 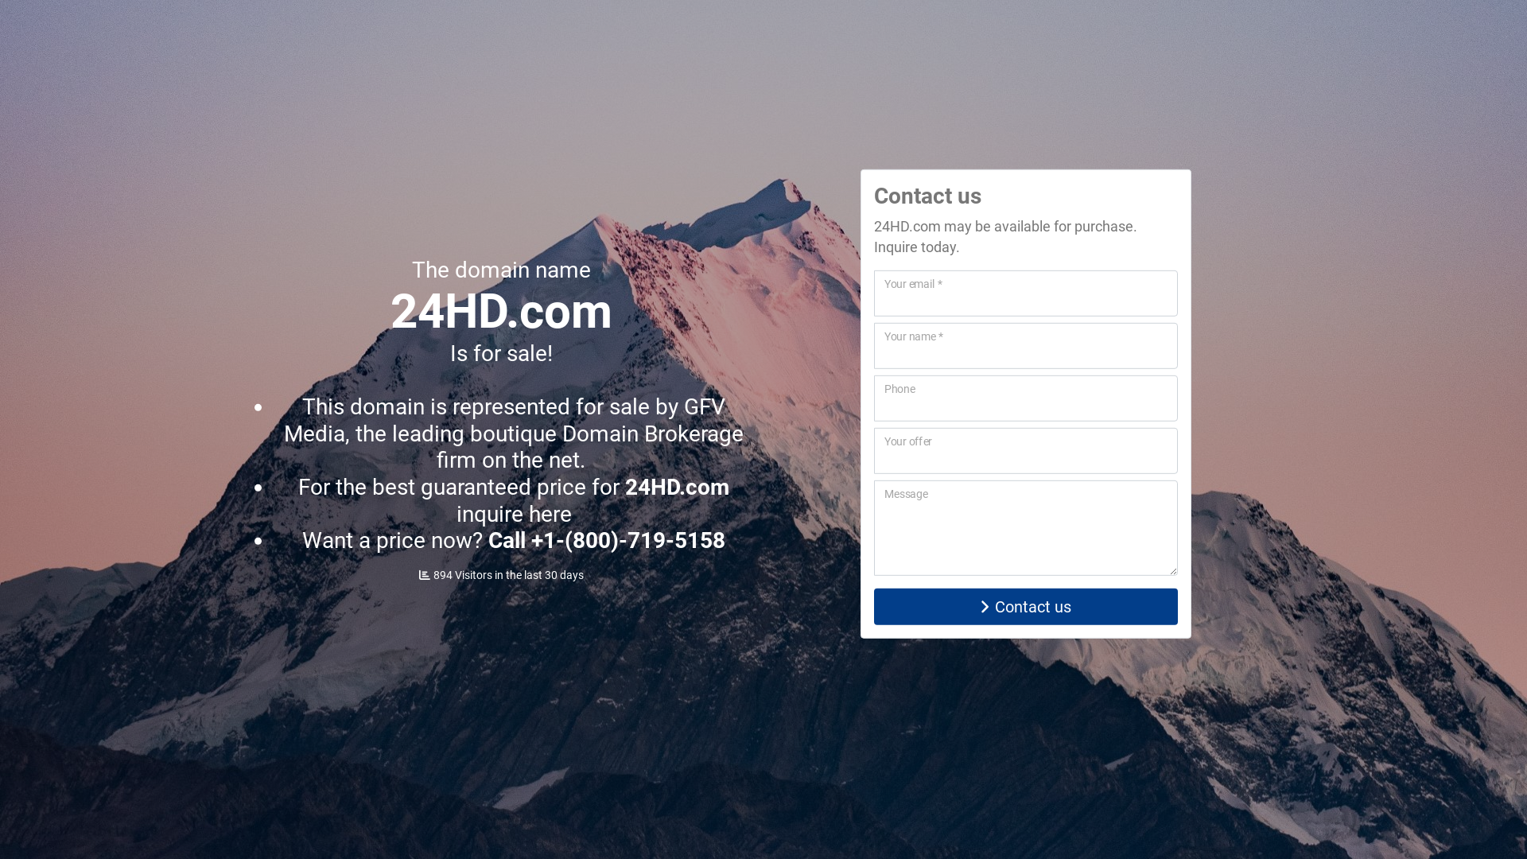 I want to click on 'Contact us', so click(x=1026, y=607).